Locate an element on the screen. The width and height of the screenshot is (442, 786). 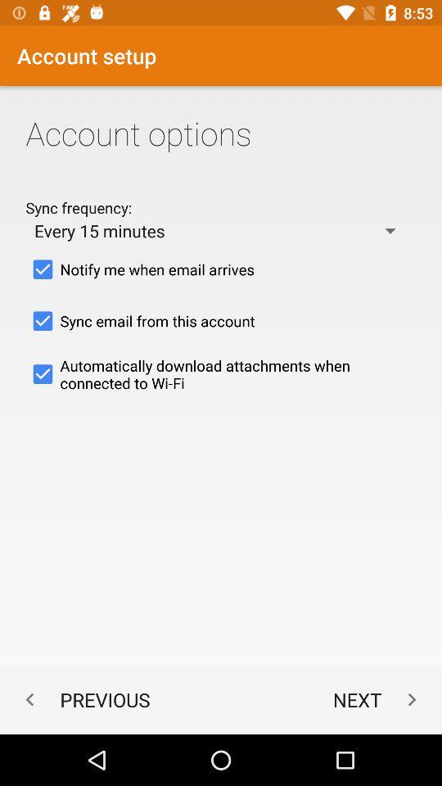
the sync email from item is located at coordinates (221, 320).